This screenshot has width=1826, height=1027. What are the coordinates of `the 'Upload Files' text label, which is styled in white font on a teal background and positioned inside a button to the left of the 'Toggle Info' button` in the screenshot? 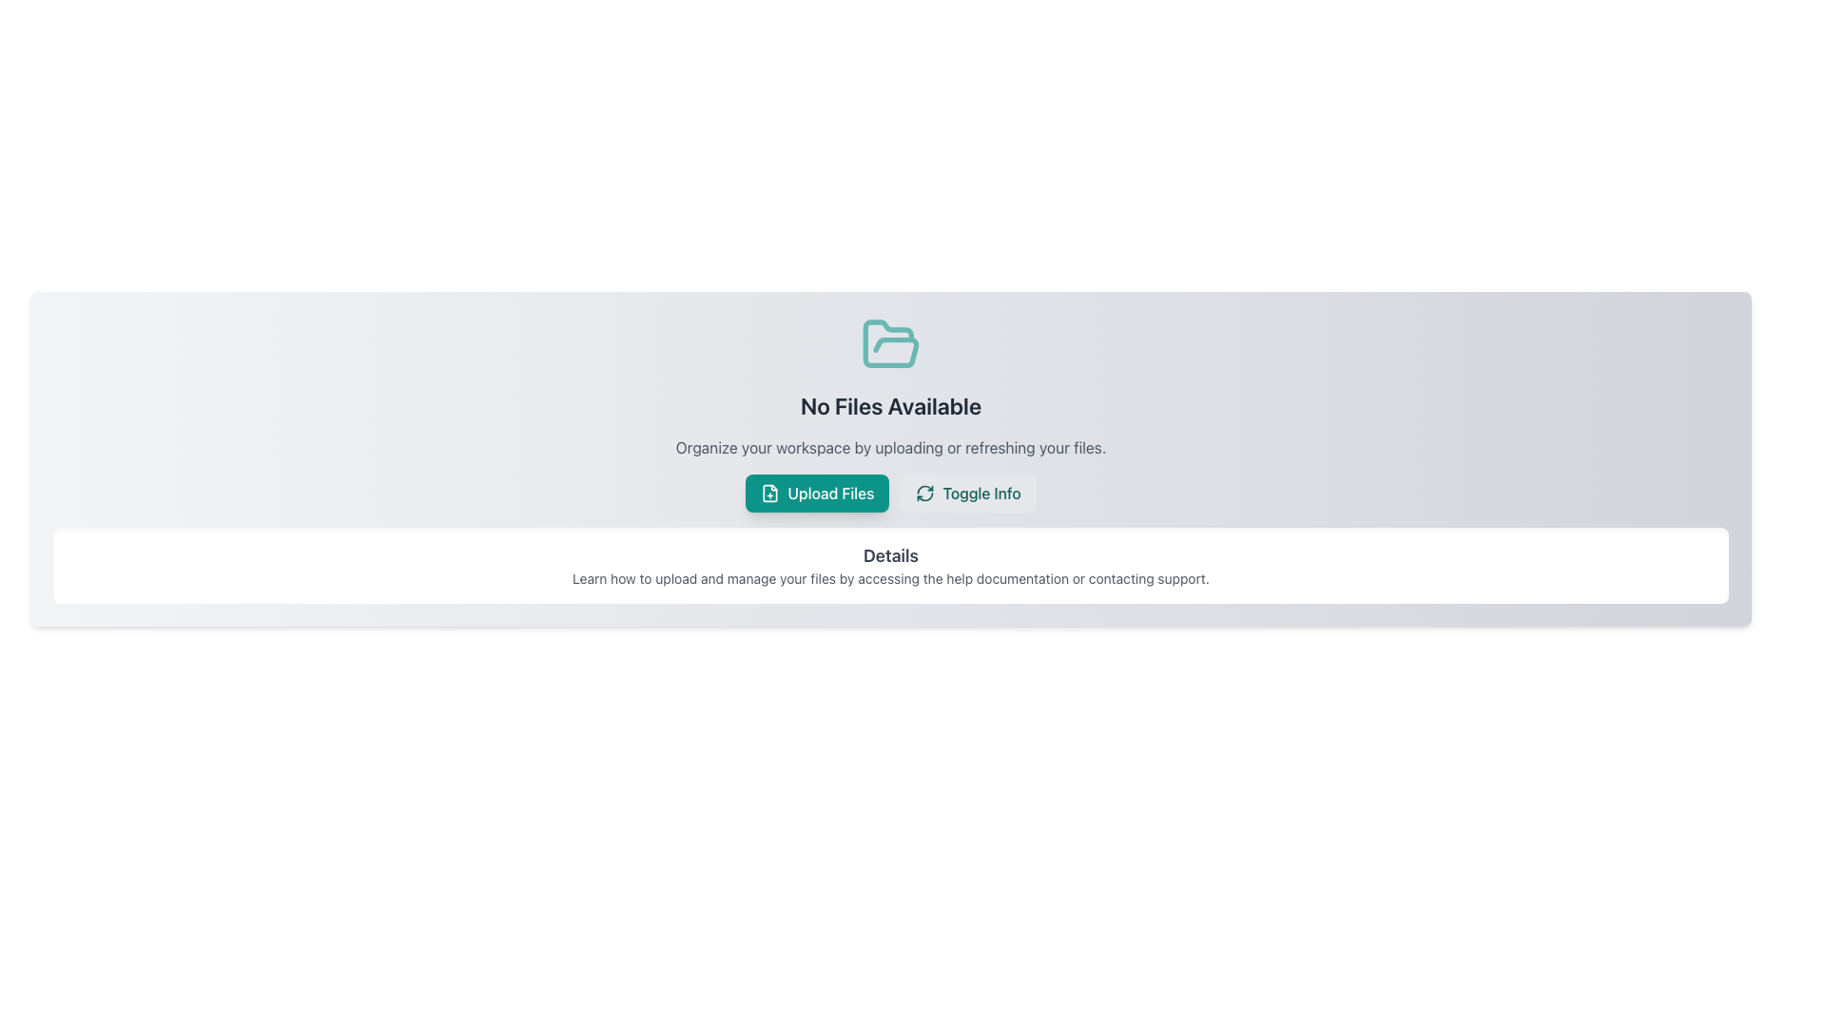 It's located at (830, 493).